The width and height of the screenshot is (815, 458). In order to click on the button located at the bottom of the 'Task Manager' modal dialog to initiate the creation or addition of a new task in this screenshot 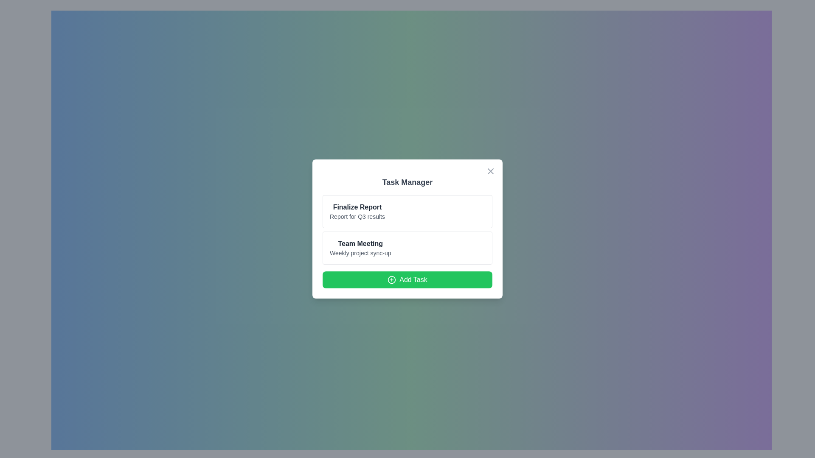, I will do `click(413, 279)`.